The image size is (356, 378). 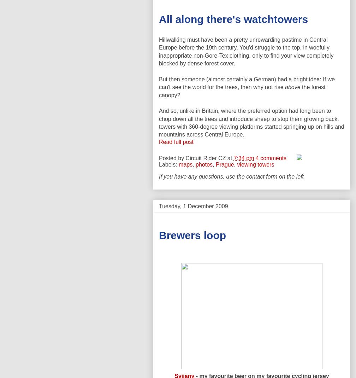 What do you see at coordinates (225, 164) in the screenshot?
I see `'Prague'` at bounding box center [225, 164].